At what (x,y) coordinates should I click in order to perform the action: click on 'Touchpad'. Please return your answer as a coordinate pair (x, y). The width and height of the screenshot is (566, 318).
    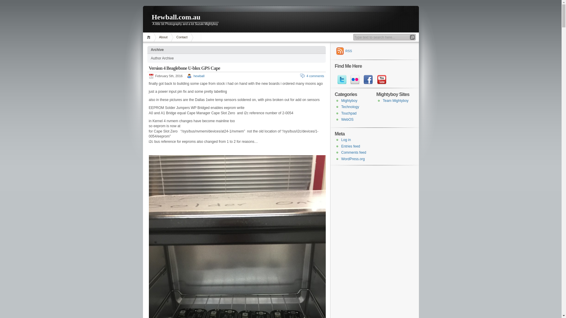
    Looking at the image, I should click on (349, 113).